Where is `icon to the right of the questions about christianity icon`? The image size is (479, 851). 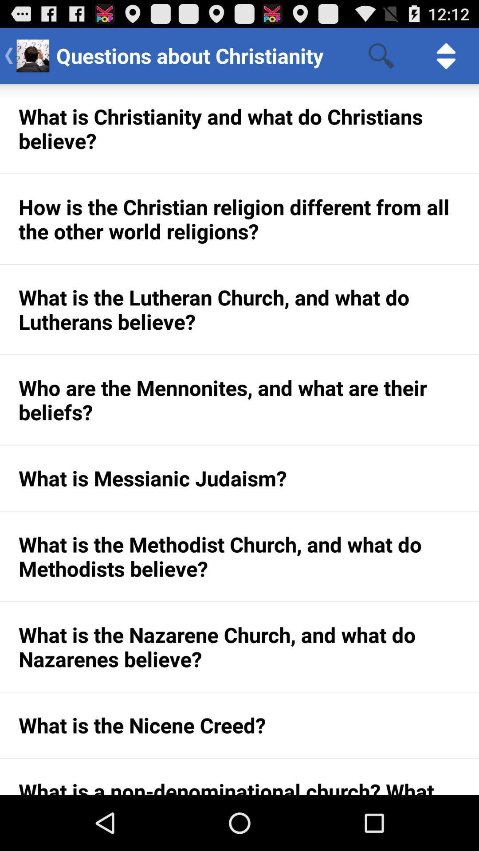 icon to the right of the questions about christianity icon is located at coordinates (381, 55).